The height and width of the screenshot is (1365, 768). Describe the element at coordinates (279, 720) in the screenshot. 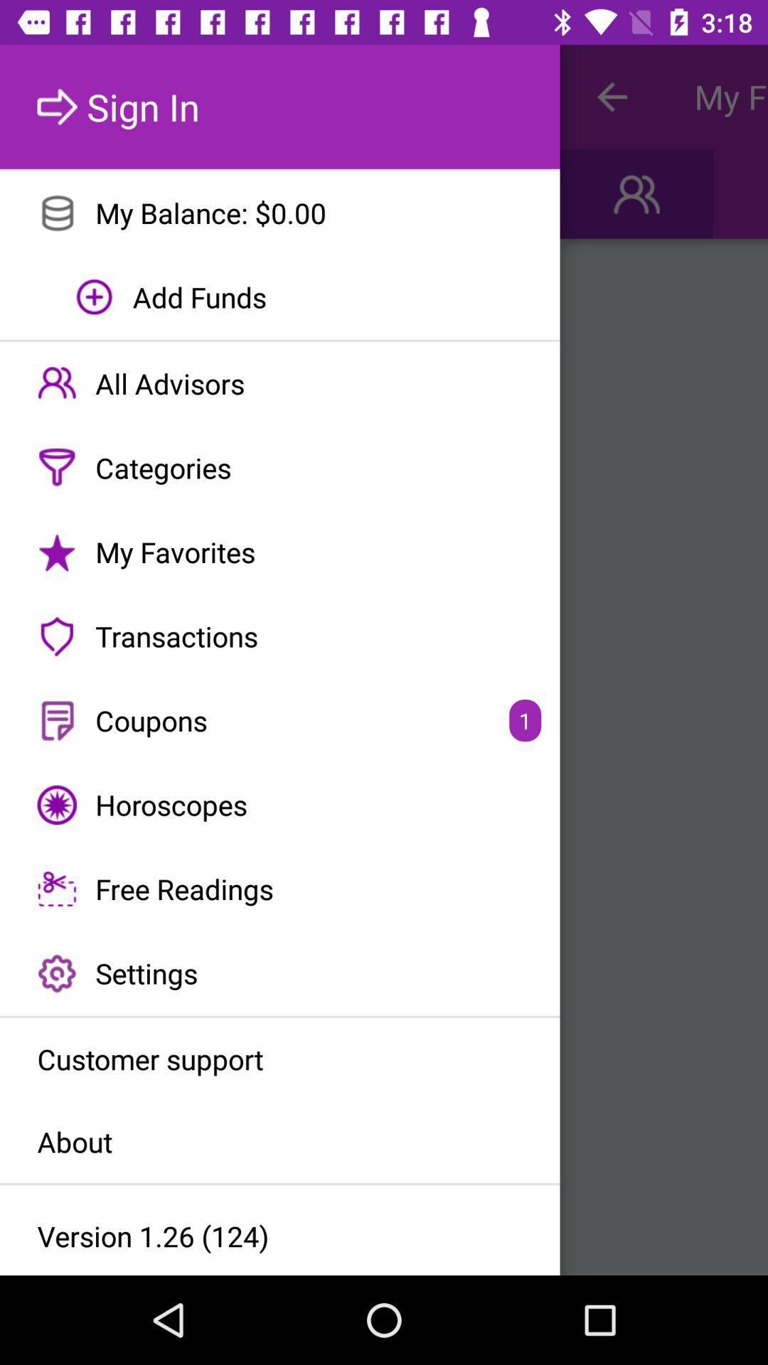

I see `the icon below transactions` at that location.